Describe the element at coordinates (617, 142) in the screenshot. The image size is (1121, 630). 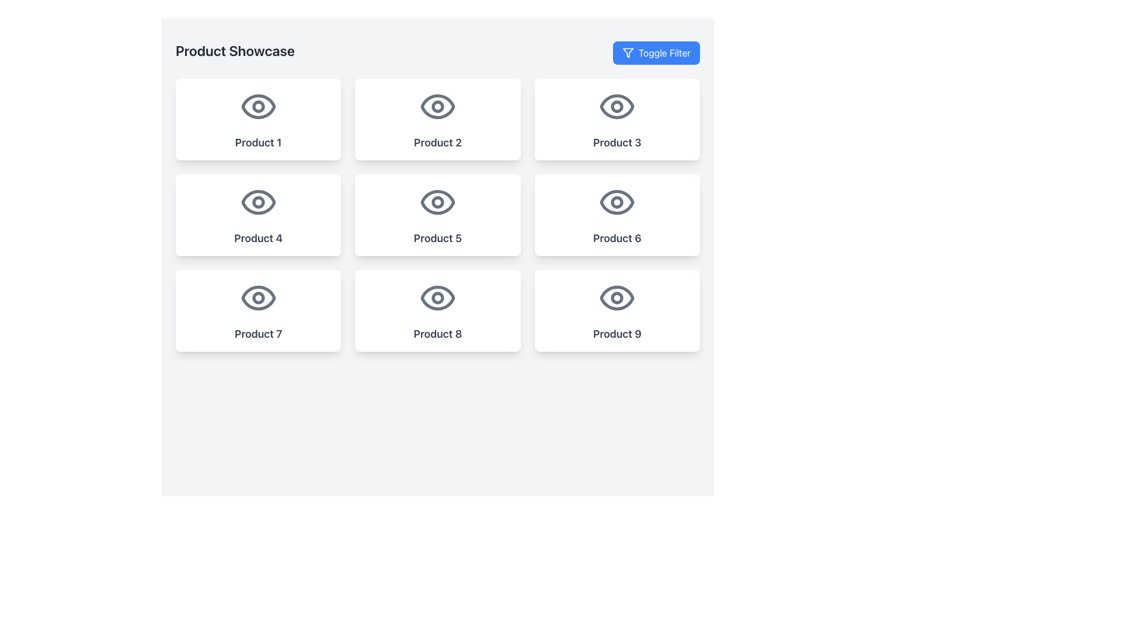
I see `the text label 'Product 3' located at the bottom center of the product card, which identifies the product and is situated below the eye graphic icon` at that location.